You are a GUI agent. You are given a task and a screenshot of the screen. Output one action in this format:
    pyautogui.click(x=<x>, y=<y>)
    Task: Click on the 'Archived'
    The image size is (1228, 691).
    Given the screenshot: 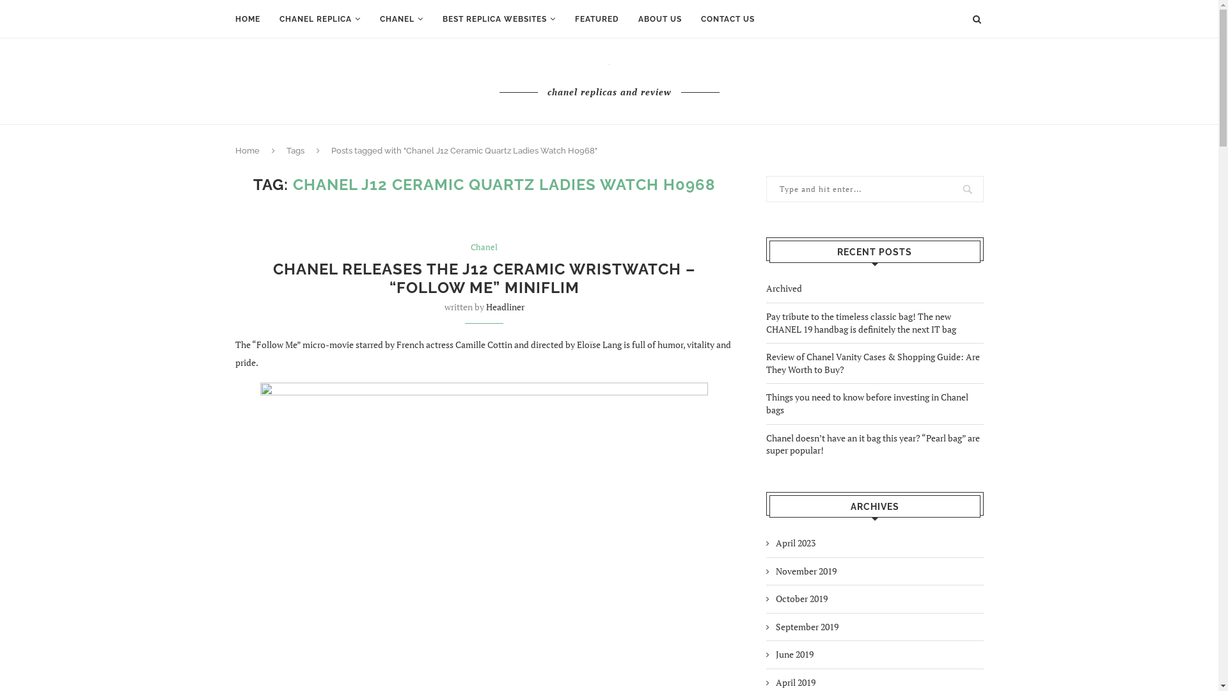 What is the action you would take?
    pyautogui.click(x=783, y=288)
    